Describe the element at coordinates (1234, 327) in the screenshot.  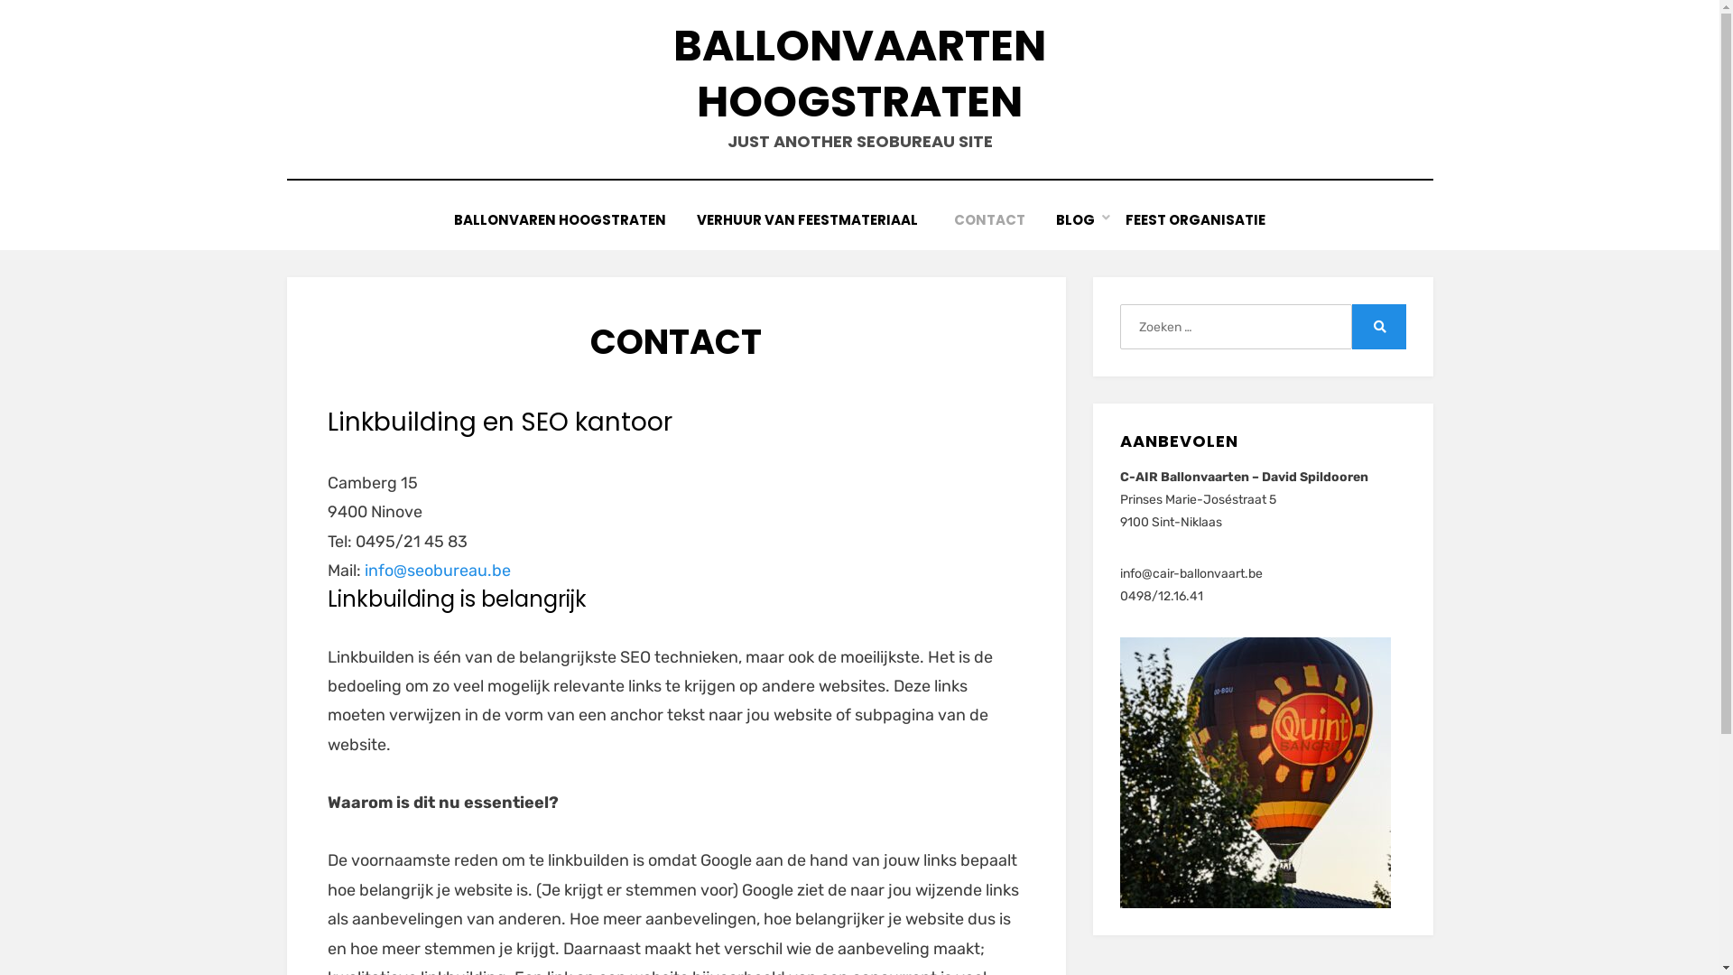
I see `'Zoeken naar:'` at that location.